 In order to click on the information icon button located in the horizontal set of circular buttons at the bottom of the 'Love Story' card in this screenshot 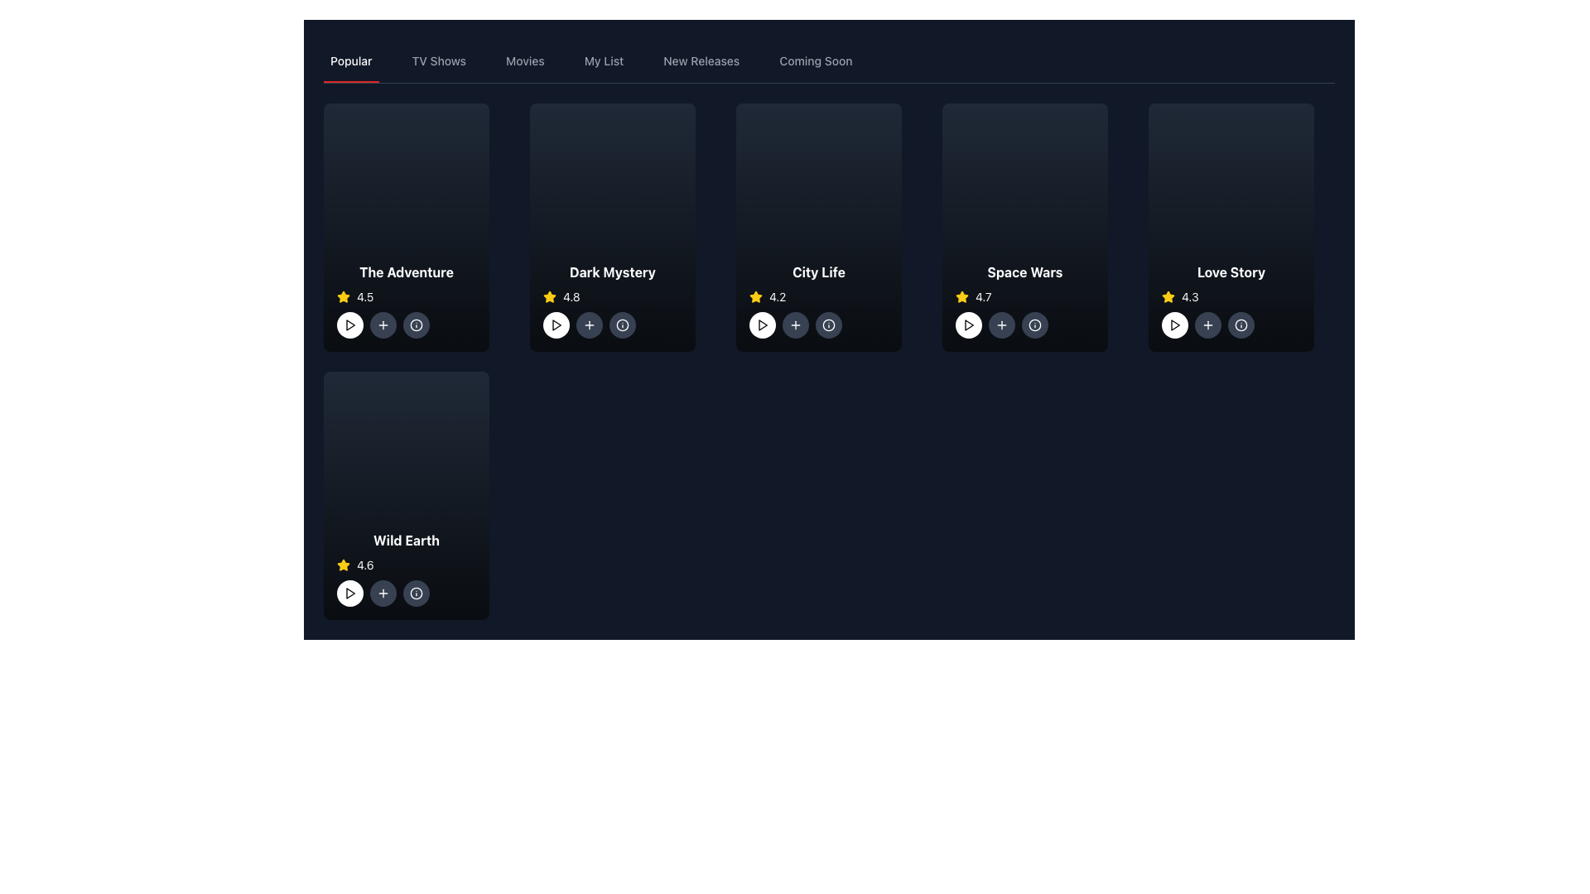, I will do `click(1231, 325)`.